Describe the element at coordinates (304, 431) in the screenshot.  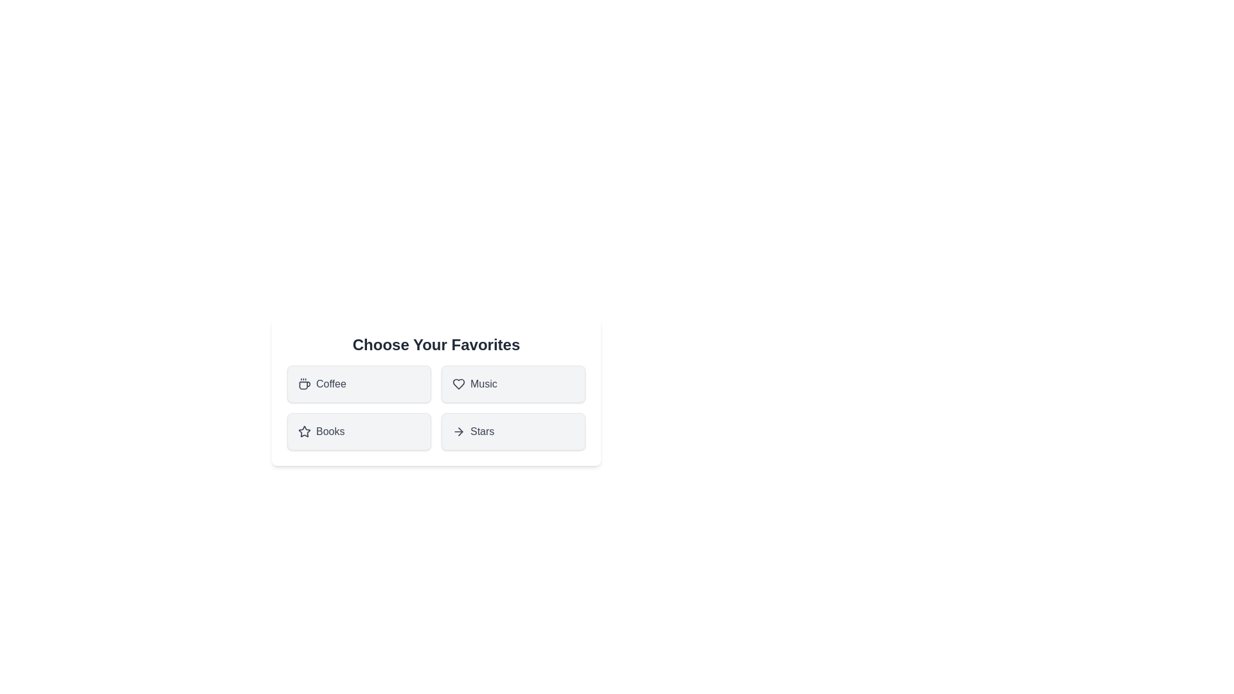
I see `the star-shaped icon located on the left side of the 'Books' button, which is positioned in the bottom-left quadrant of the grid of favorite categories` at that location.